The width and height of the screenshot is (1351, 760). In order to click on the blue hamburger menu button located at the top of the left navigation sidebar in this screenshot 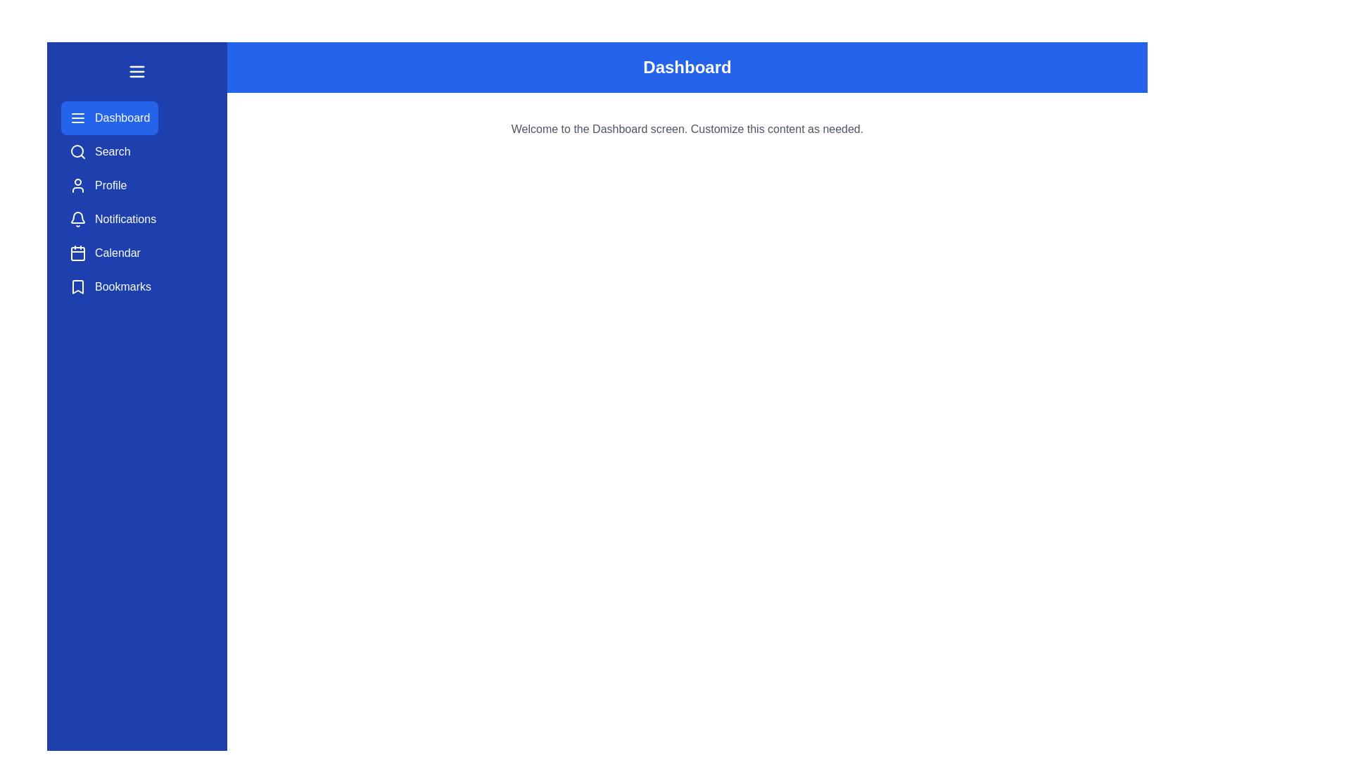, I will do `click(137, 71)`.